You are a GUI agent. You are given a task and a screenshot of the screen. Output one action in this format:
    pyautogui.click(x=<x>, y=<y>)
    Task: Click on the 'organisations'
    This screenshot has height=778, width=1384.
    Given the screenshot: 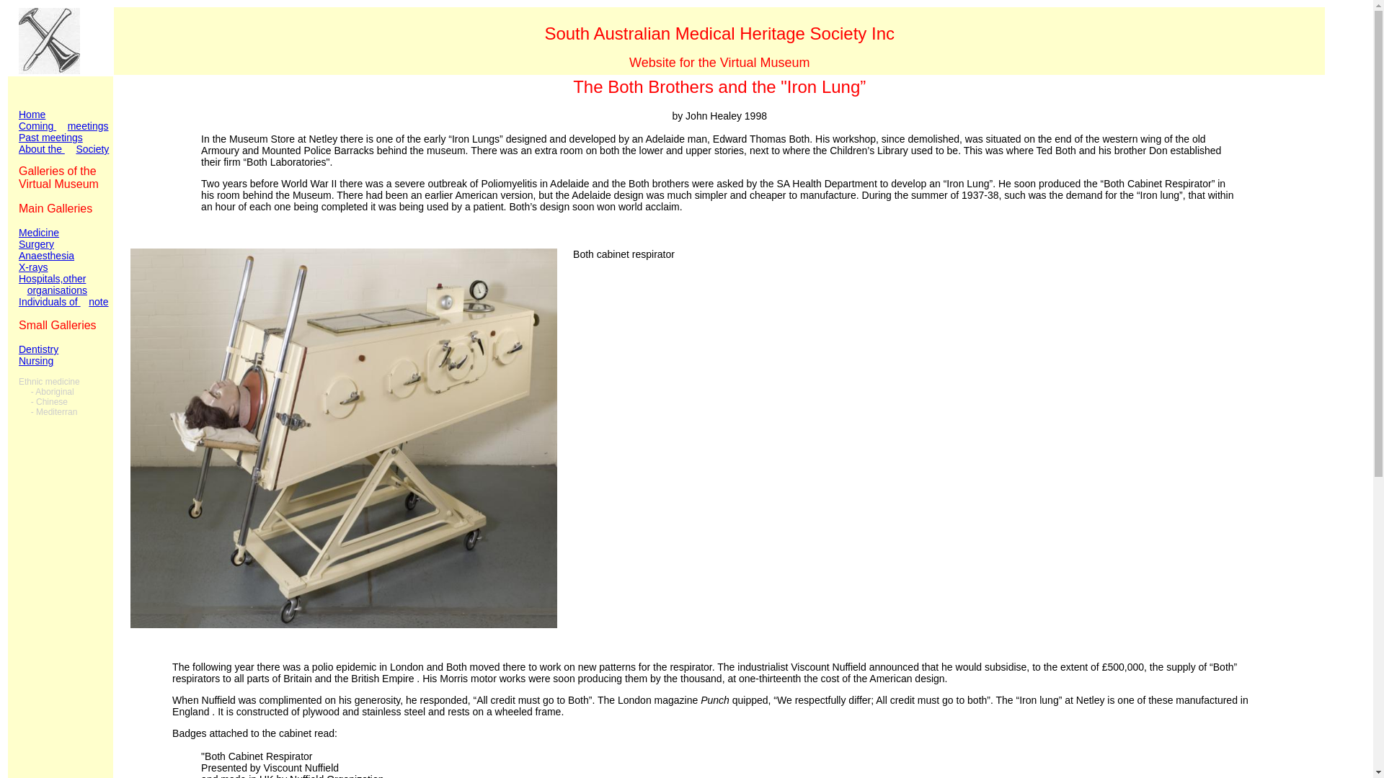 What is the action you would take?
    pyautogui.click(x=57, y=290)
    